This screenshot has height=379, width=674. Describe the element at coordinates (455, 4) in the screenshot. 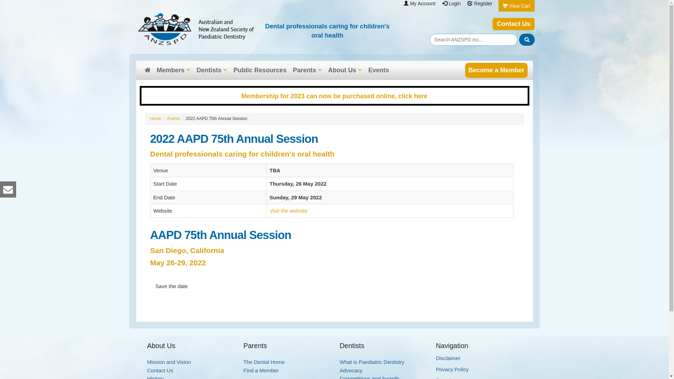

I see `'Login'` at that location.